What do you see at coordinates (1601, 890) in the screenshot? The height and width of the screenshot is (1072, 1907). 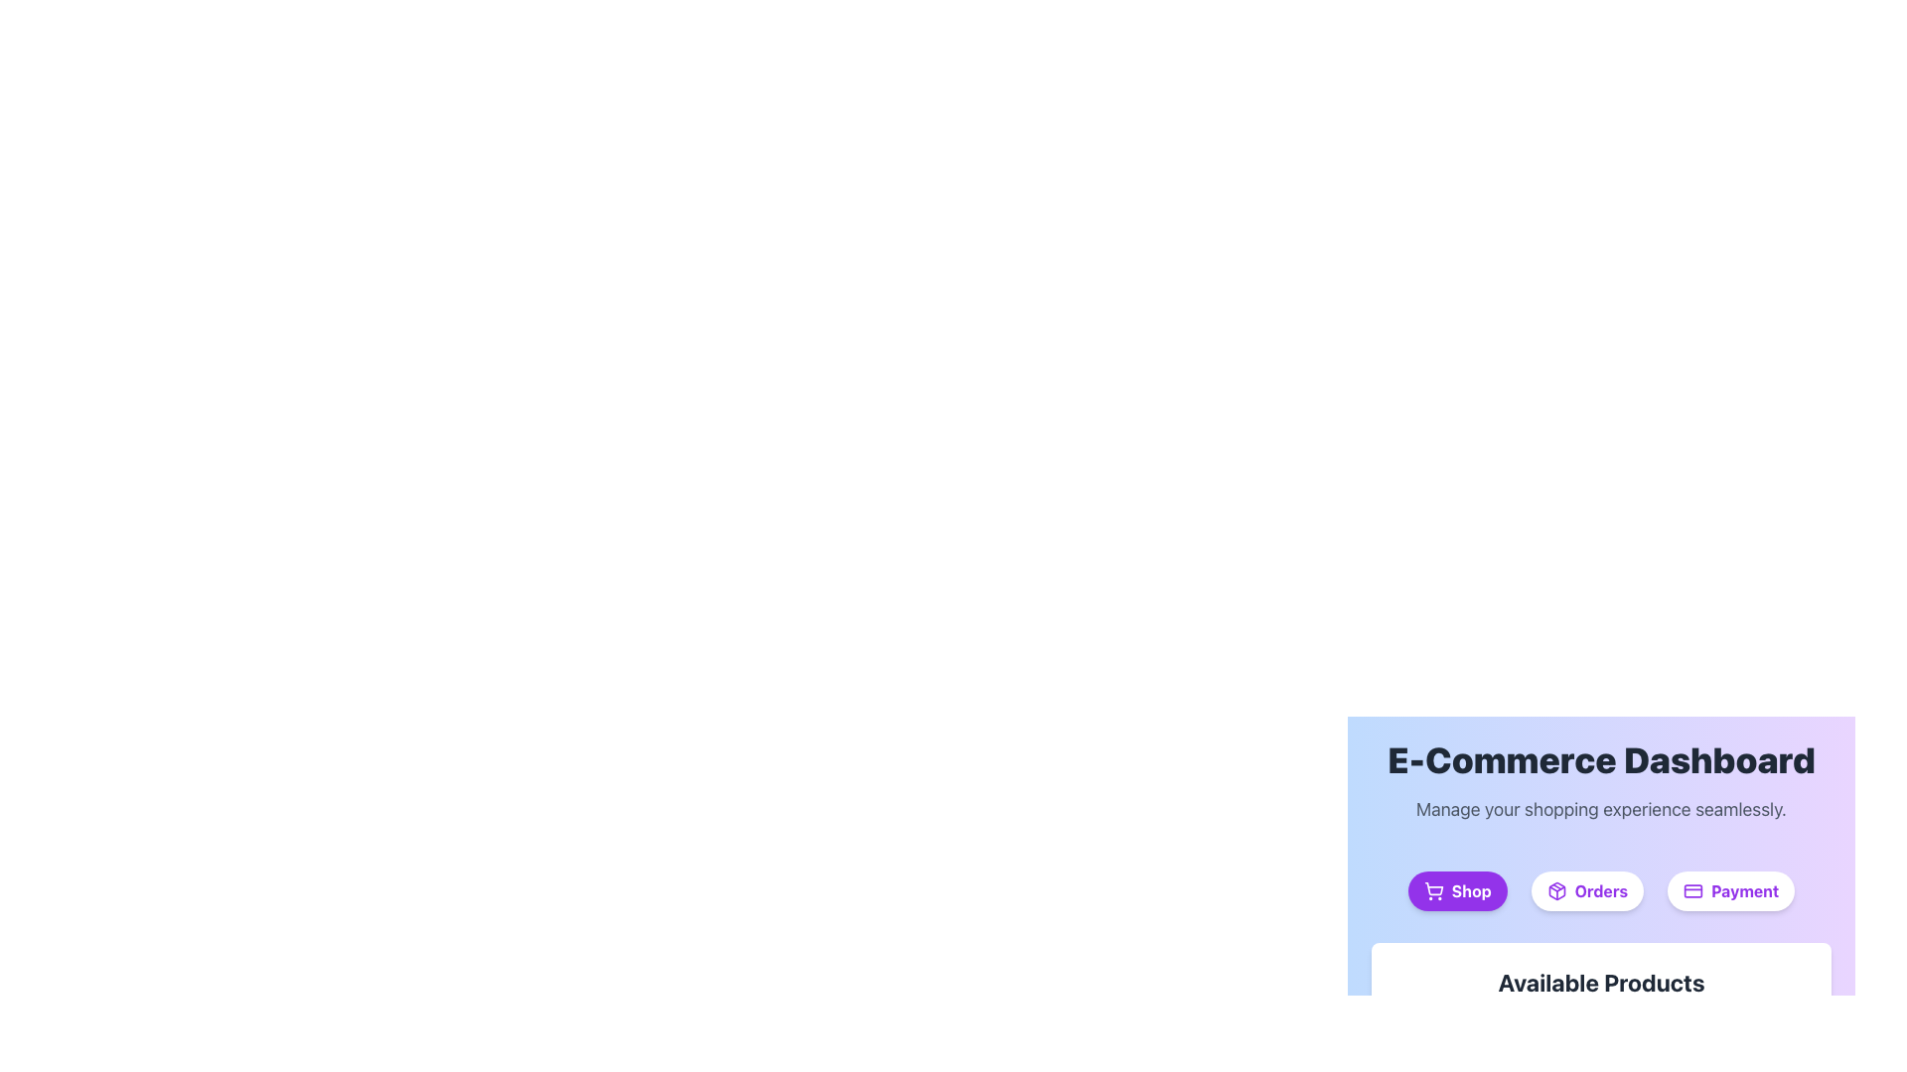 I see `the 'Orders' button in the Navigation bar` at bounding box center [1601, 890].